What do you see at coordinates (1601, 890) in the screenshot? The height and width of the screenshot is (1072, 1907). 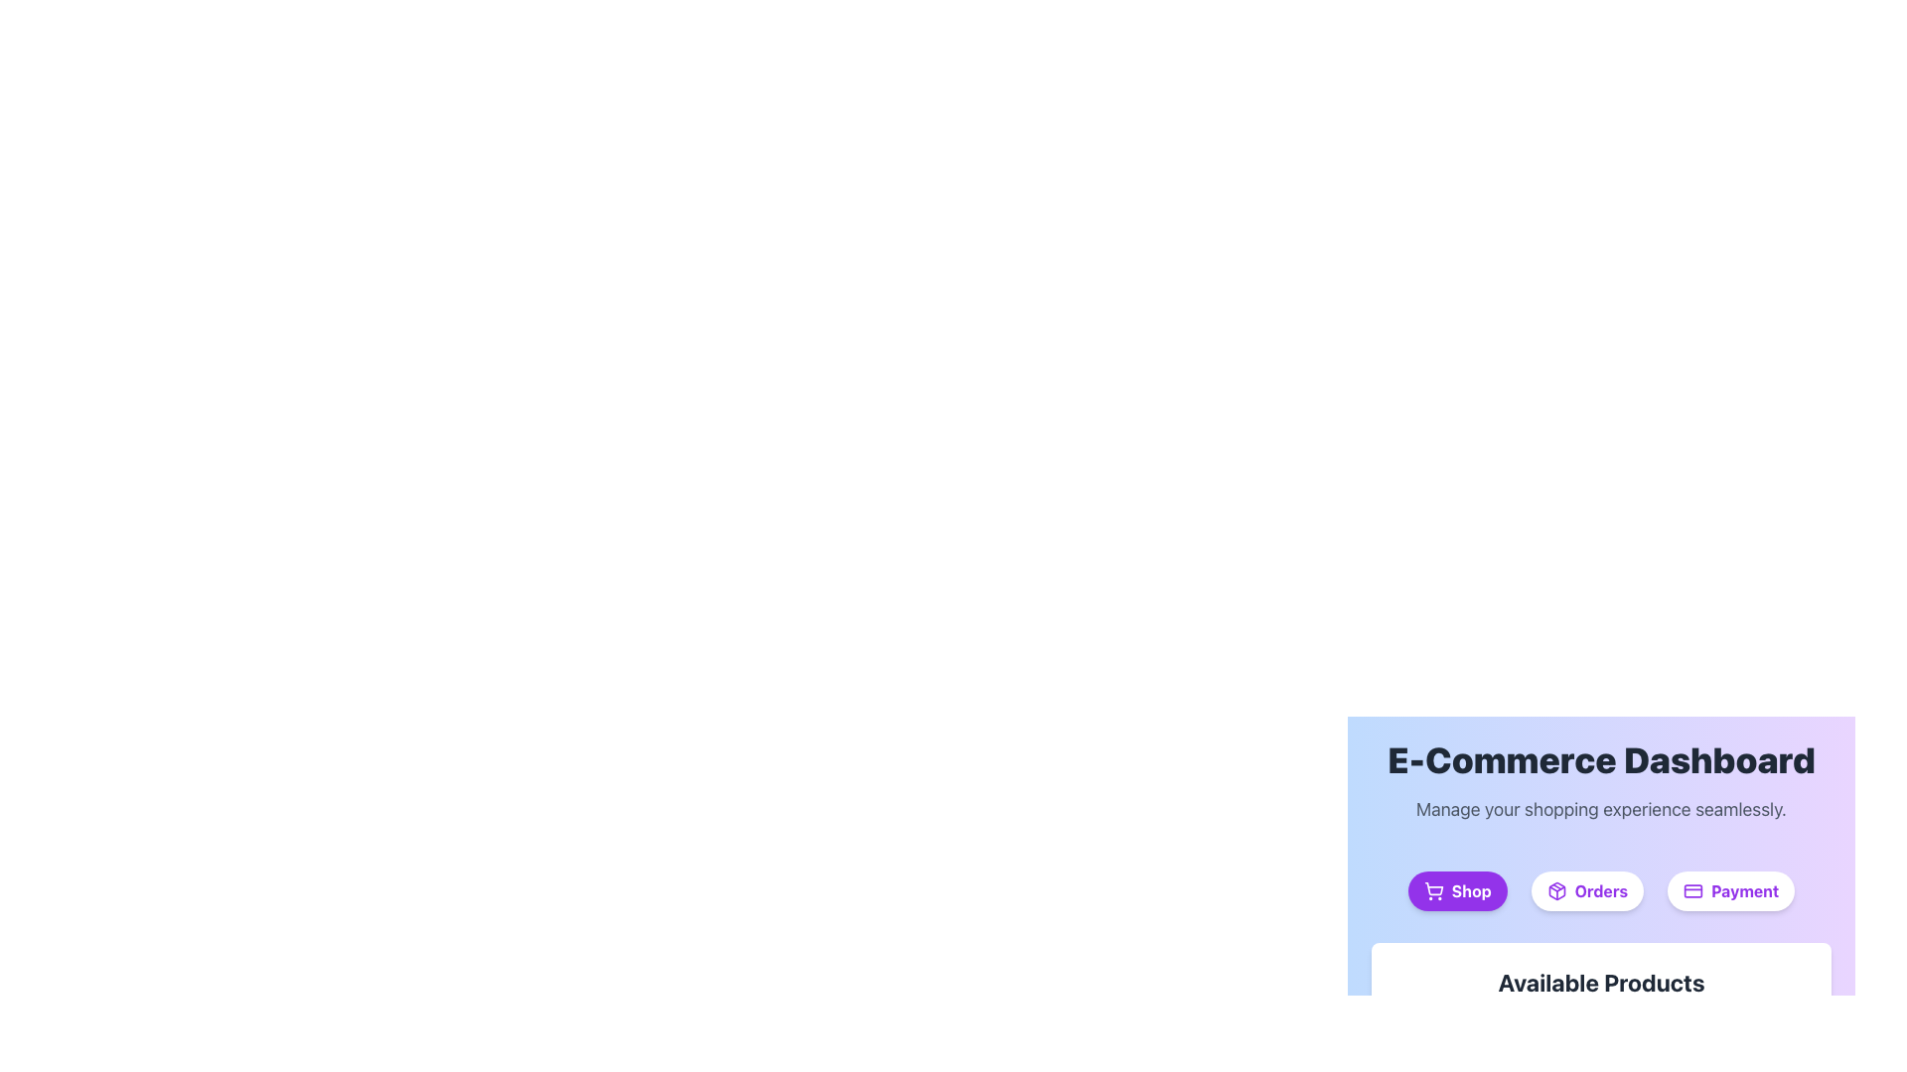 I see `the 'Orders' button in the Navigation bar` at bounding box center [1601, 890].